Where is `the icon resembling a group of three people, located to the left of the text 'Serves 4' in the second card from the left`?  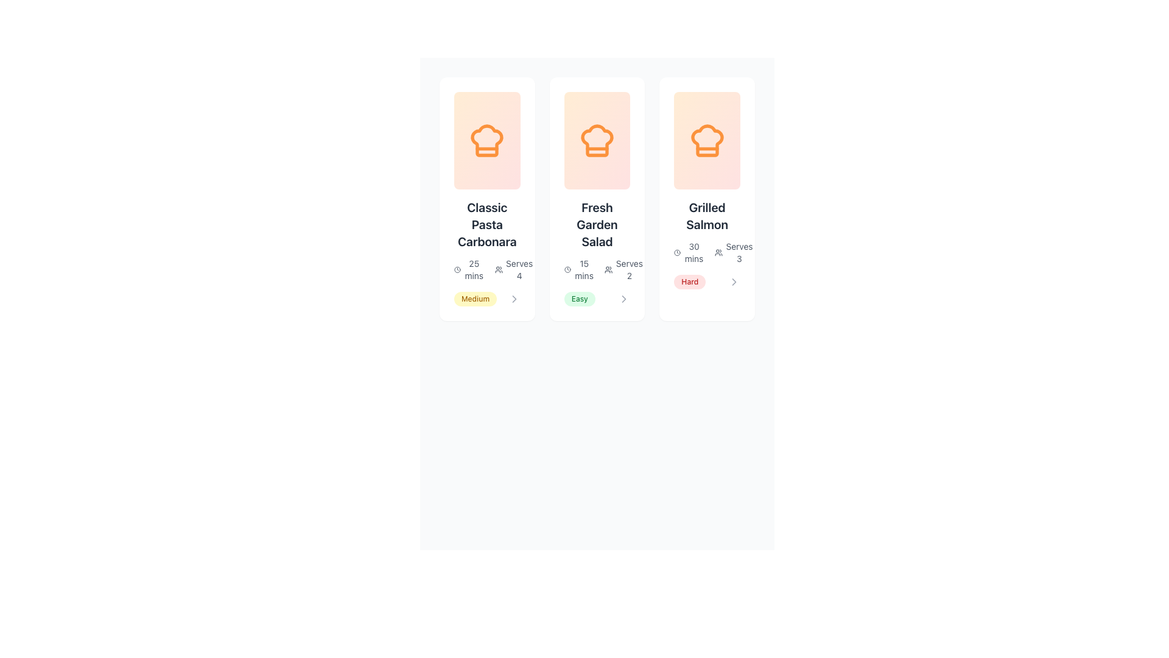 the icon resembling a group of three people, located to the left of the text 'Serves 4' in the second card from the left is located at coordinates (499, 269).